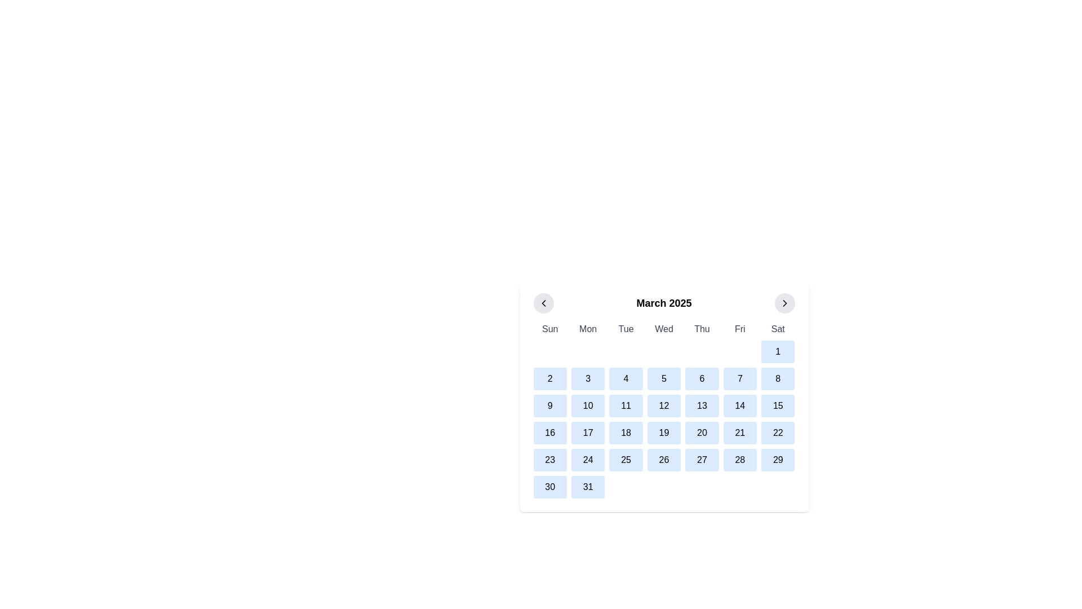 The height and width of the screenshot is (609, 1082). What do you see at coordinates (550, 432) in the screenshot?
I see `the date selector button for '16' located in the fifth row and first column of the calendar grid under the 'Sun' header` at bounding box center [550, 432].